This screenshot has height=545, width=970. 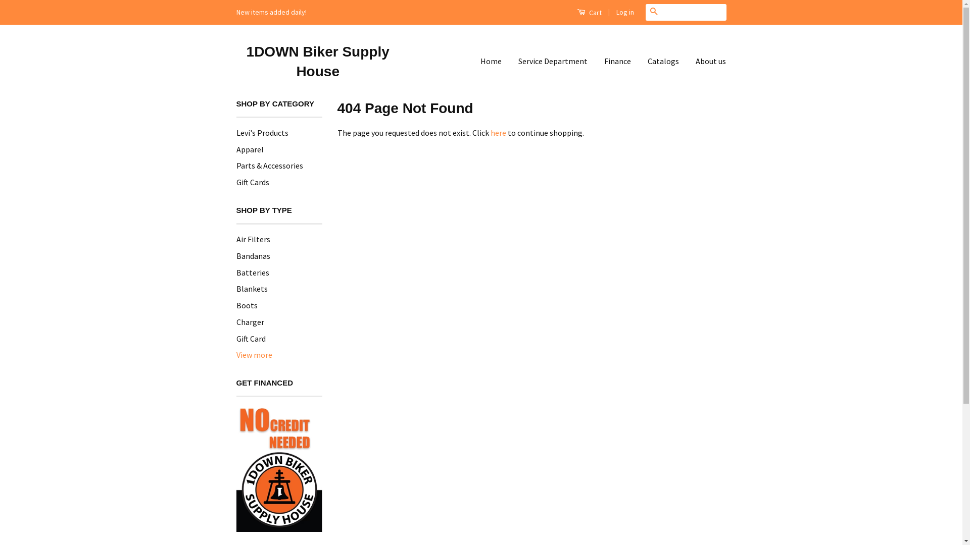 I want to click on 'Cart', so click(x=589, y=12).